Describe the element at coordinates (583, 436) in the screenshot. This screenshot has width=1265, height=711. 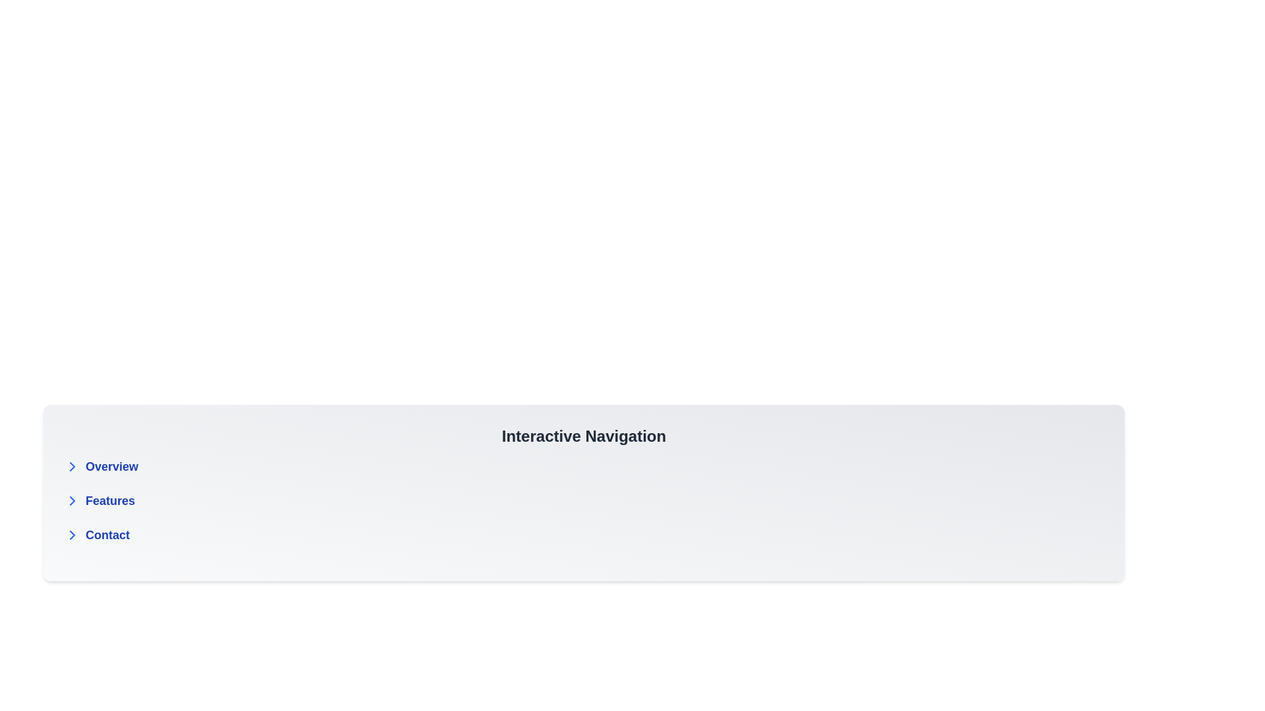
I see `the large, bold, dark gray text heading located at the top of the section above the navigation links 'Overview', 'Features', and 'Contact'` at that location.